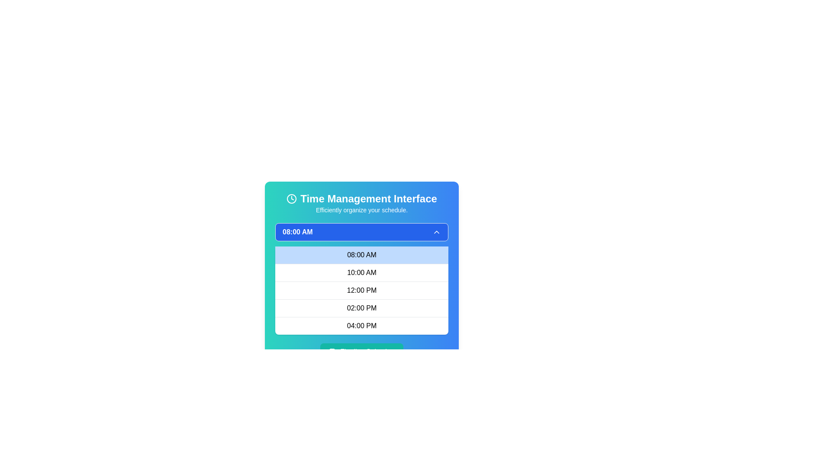 The width and height of the screenshot is (831, 467). I want to click on the 'Finalize Selection' button, so click(332, 352).